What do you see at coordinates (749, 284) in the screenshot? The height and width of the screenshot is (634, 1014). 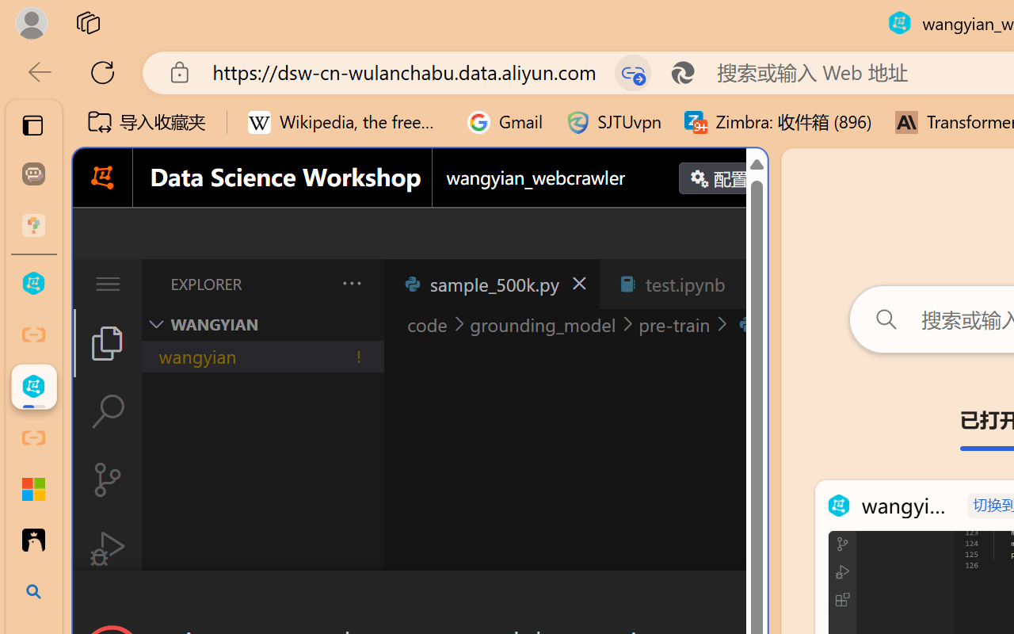 I see `'Close (Ctrl+F4)'` at bounding box center [749, 284].